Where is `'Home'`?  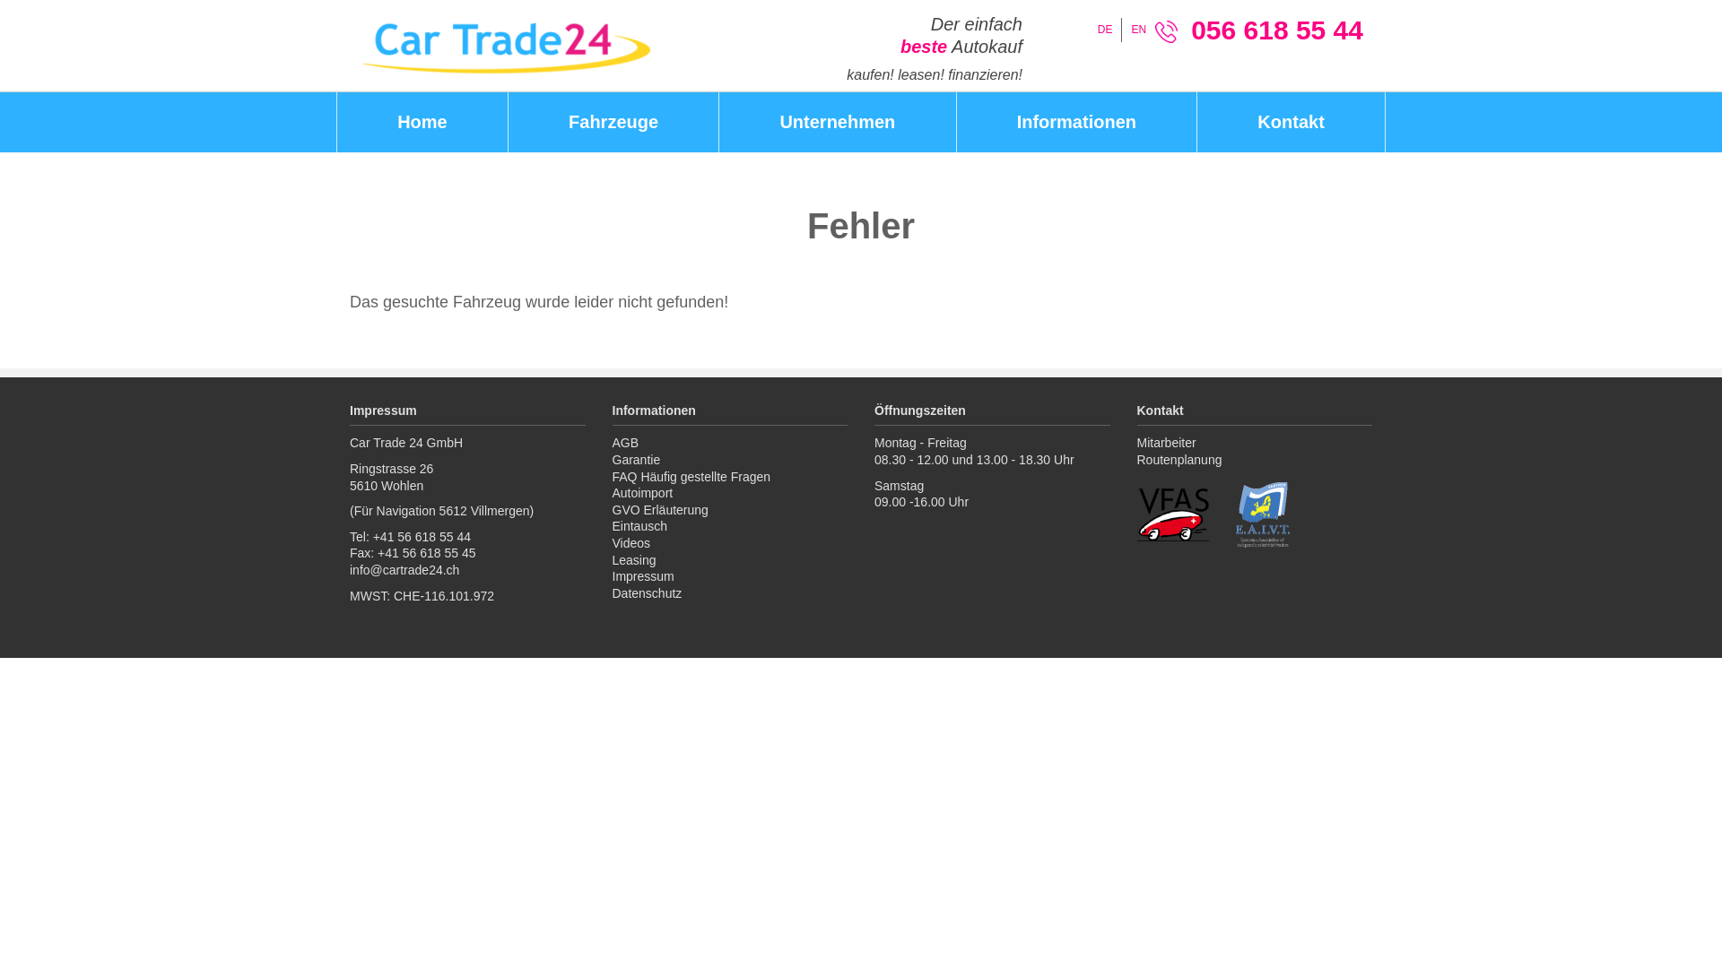 'Home' is located at coordinates (421, 121).